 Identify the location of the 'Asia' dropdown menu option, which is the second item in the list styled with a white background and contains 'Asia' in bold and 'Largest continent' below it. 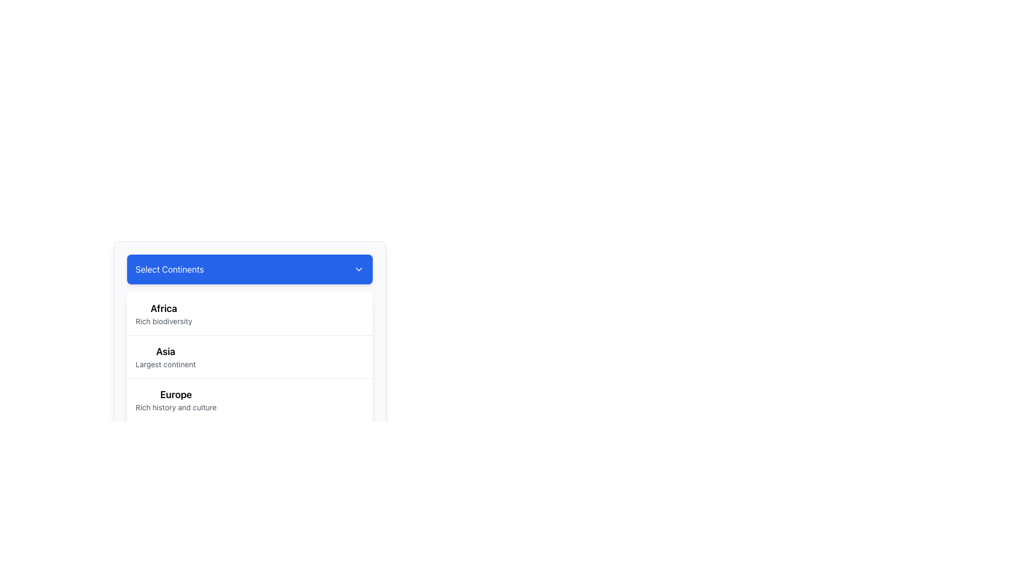
(249, 369).